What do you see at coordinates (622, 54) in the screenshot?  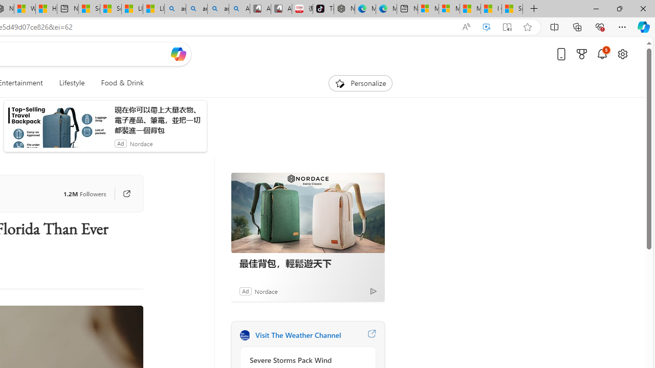 I see `'Open settings'` at bounding box center [622, 54].